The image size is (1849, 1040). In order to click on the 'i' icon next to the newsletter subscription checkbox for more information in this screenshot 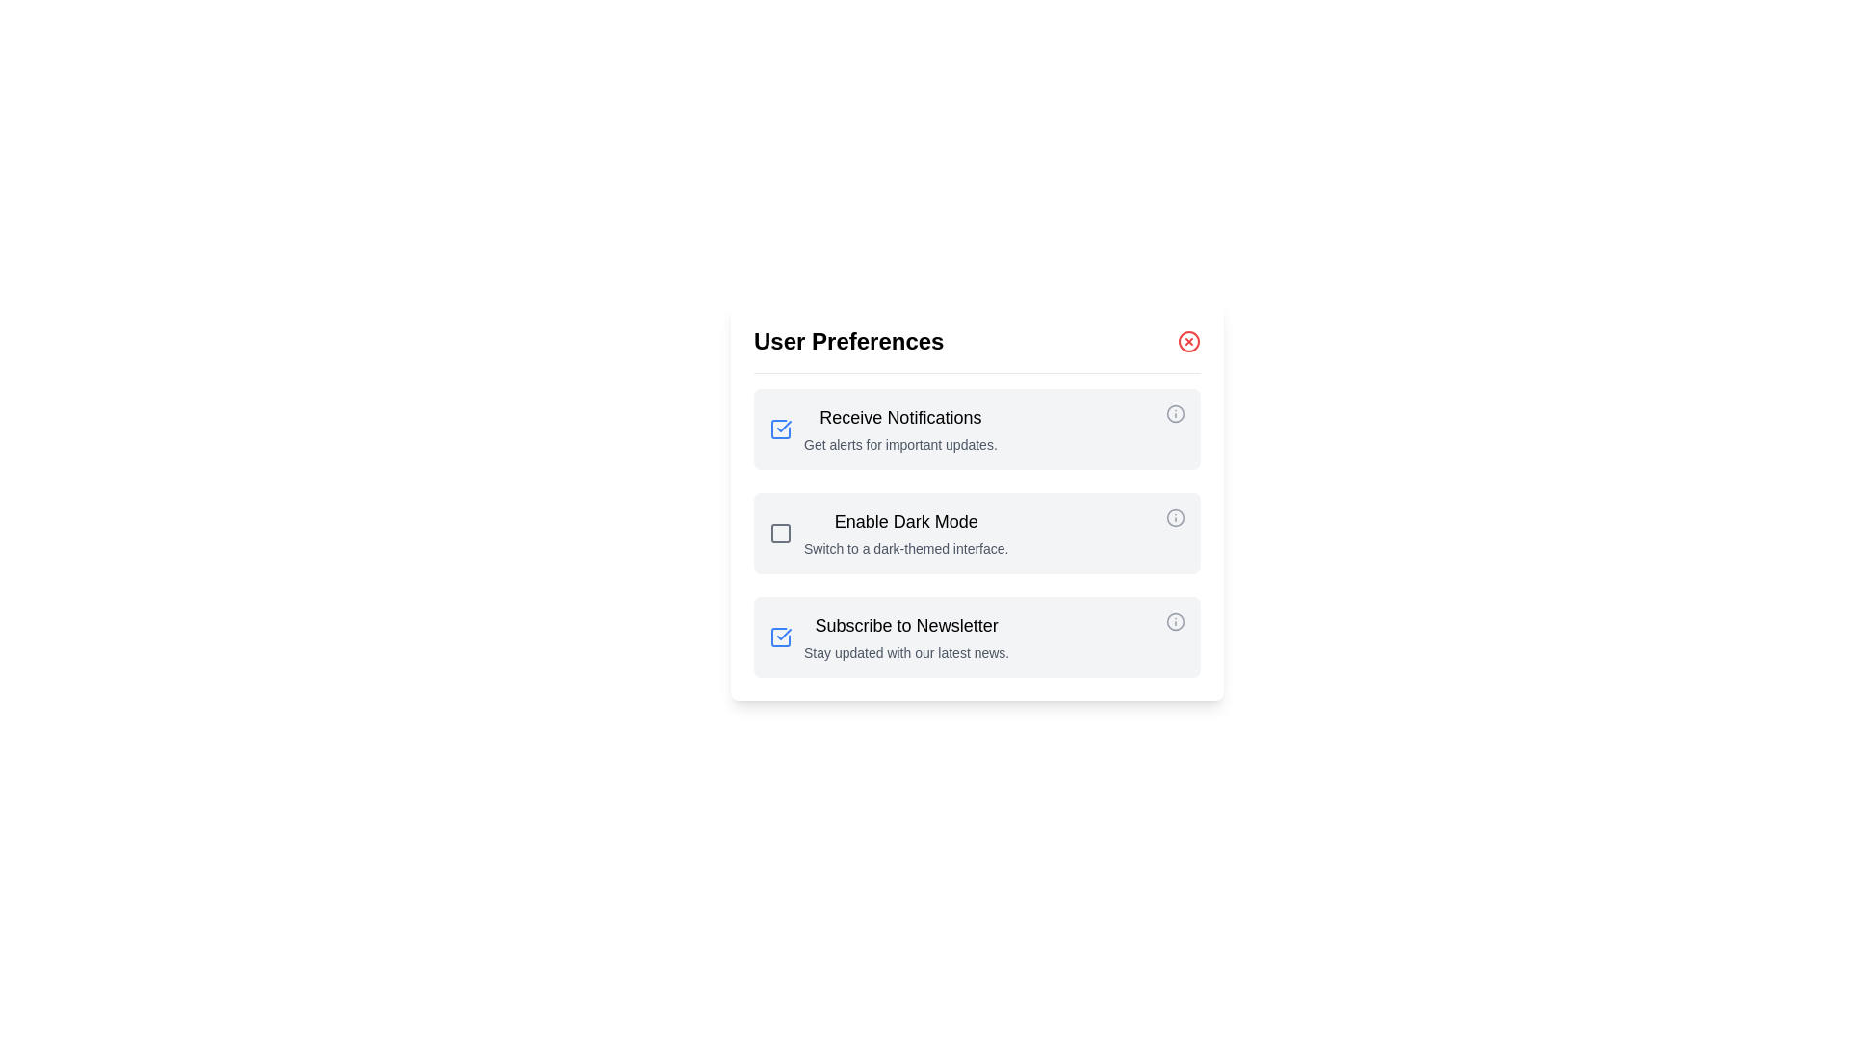, I will do `click(977, 637)`.